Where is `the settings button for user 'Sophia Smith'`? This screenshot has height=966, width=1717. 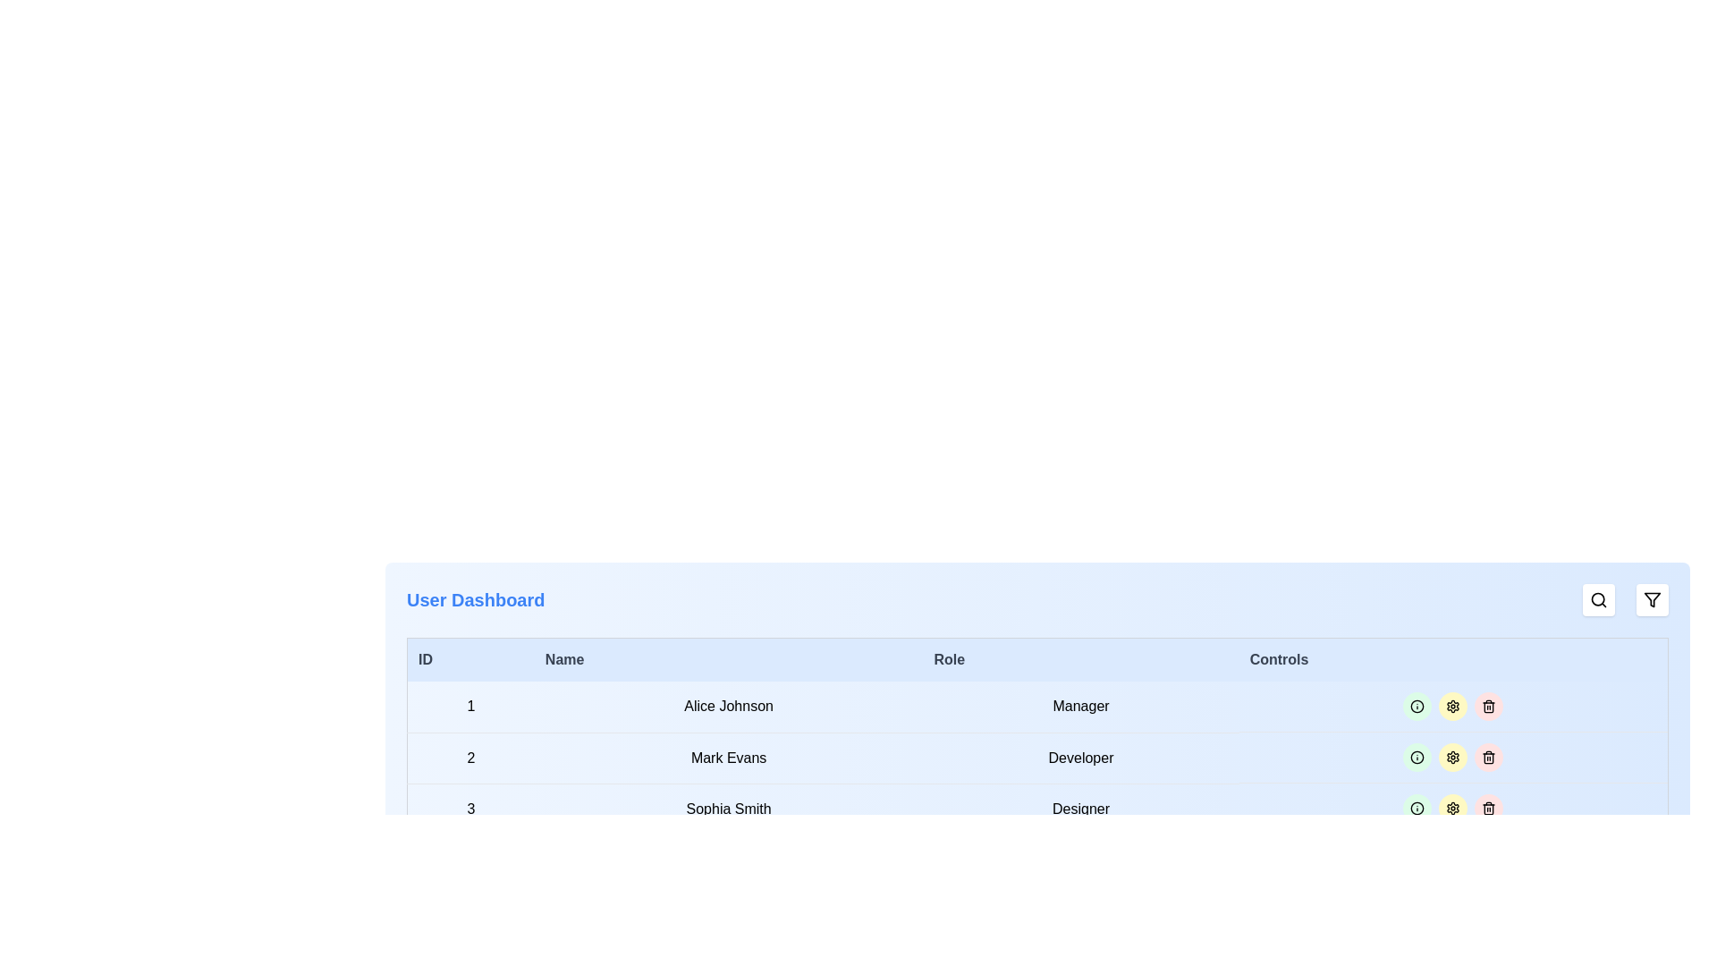
the settings button for user 'Sophia Smith' is located at coordinates (1453, 706).